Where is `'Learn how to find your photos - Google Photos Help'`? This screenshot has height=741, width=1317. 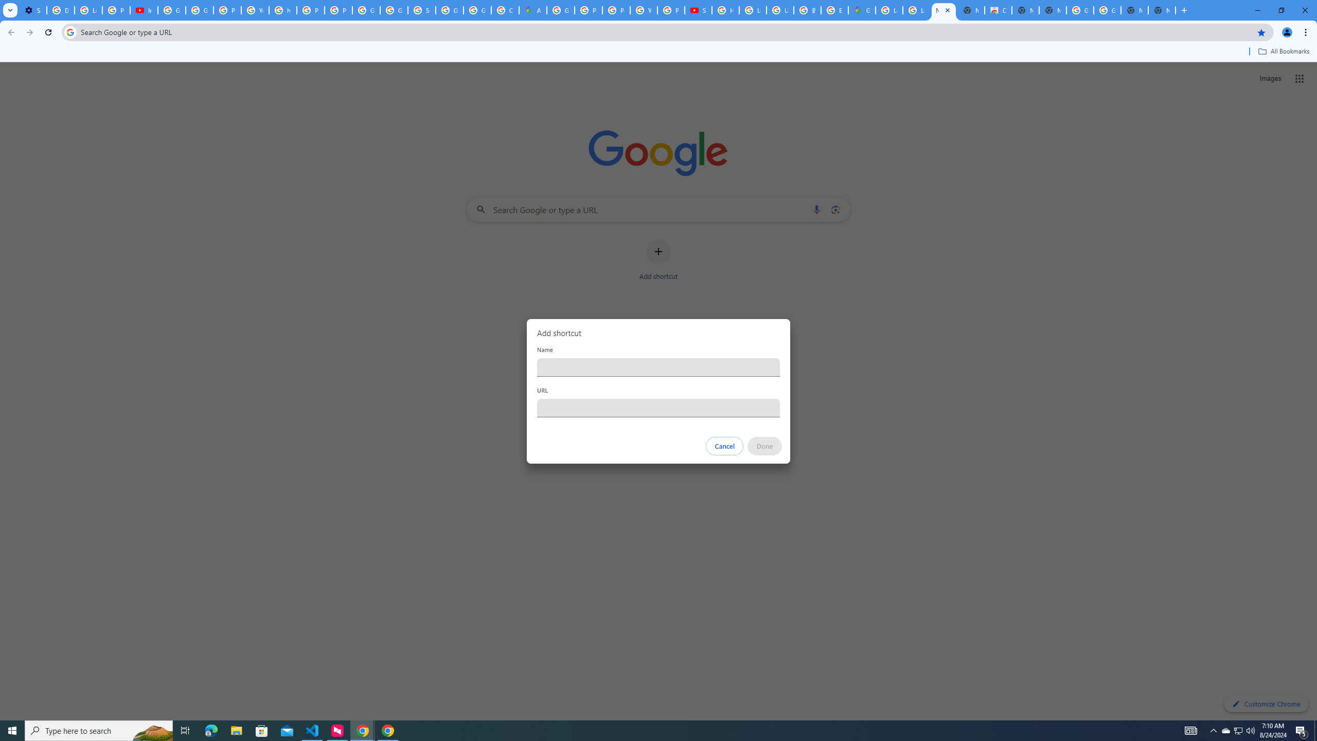
'Learn how to find your photos - Google Photos Help' is located at coordinates (88, 10).